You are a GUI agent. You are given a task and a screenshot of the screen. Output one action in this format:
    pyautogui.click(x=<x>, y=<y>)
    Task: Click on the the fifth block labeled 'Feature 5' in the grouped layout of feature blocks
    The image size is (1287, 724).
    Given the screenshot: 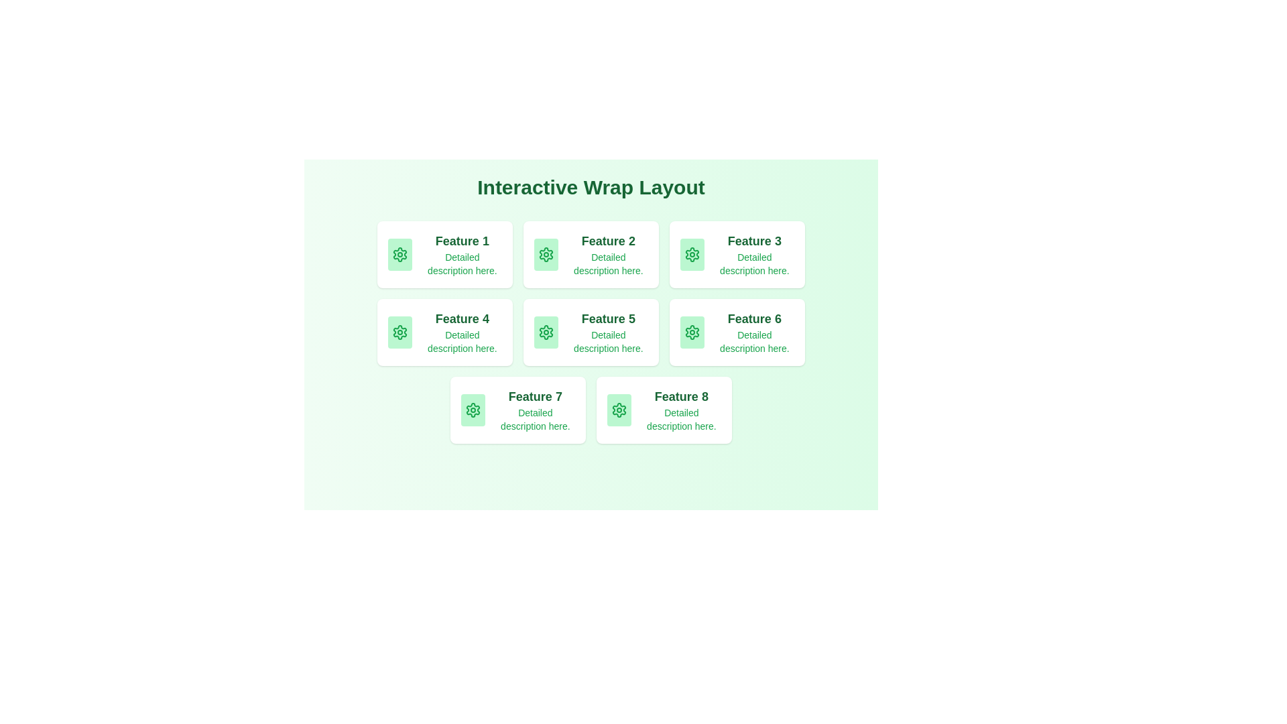 What is the action you would take?
    pyautogui.click(x=591, y=332)
    